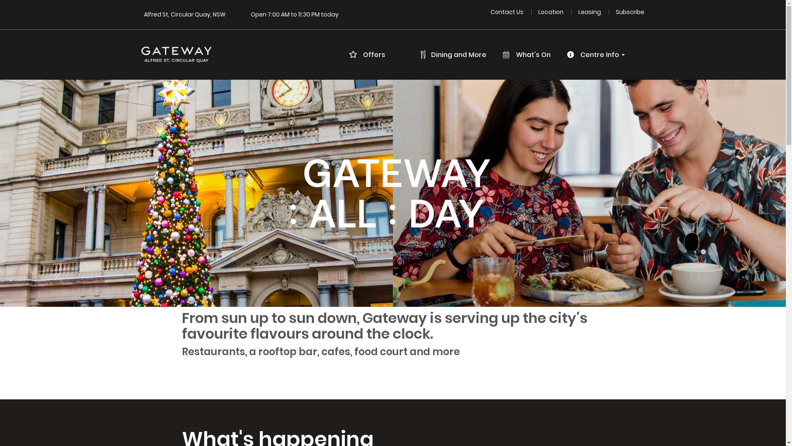  Describe the element at coordinates (321, 351) in the screenshot. I see `'Restaurants, a rooftop bar, cafes, food court and more'` at that location.